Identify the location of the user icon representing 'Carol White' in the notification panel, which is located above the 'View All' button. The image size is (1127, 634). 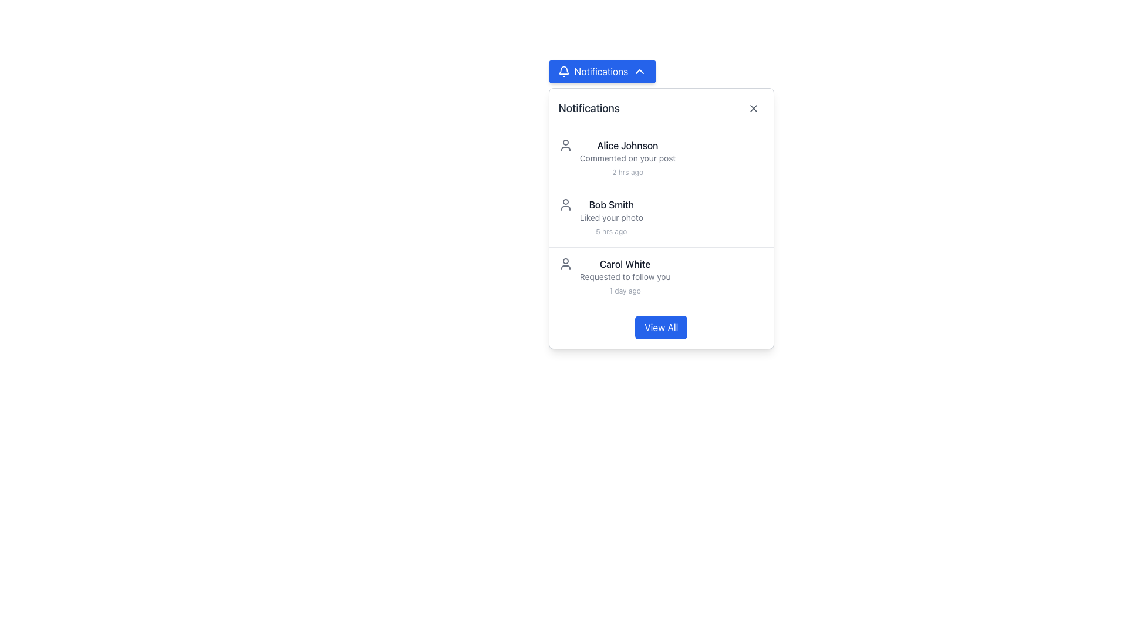
(565, 264).